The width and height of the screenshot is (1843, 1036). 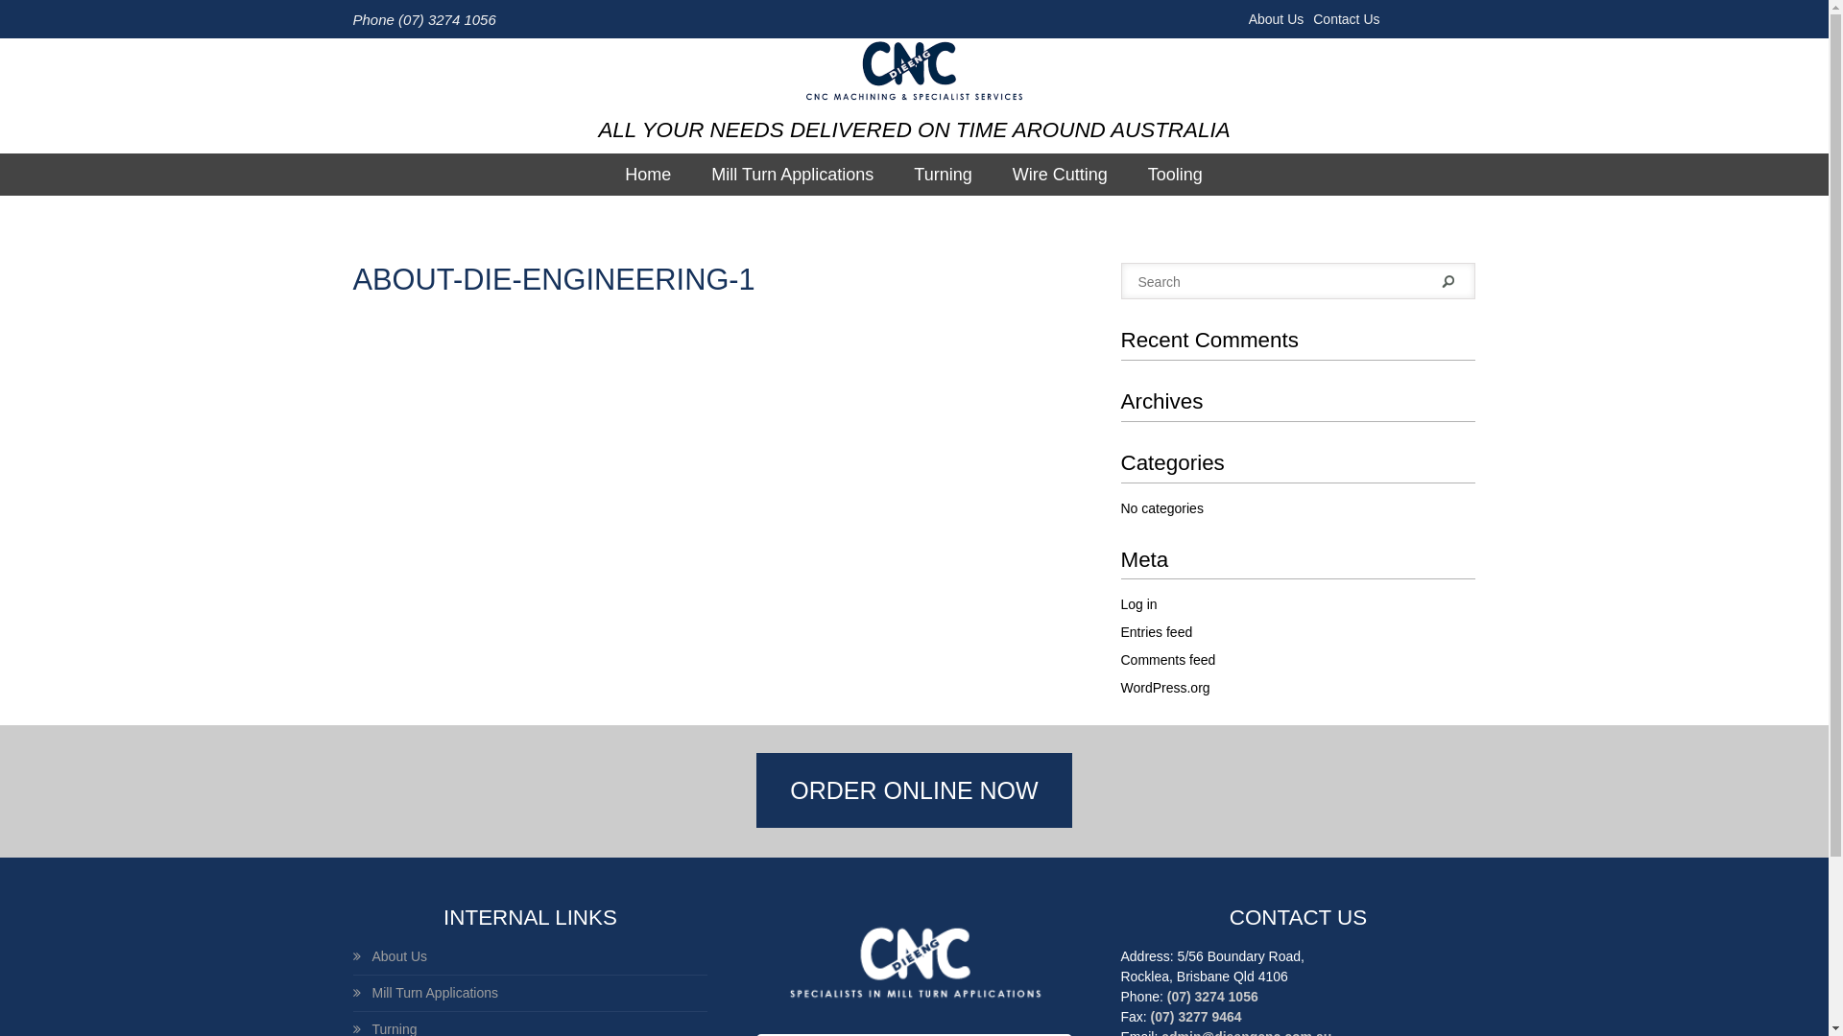 I want to click on 'Mill Turn Applications', so click(x=425, y=993).